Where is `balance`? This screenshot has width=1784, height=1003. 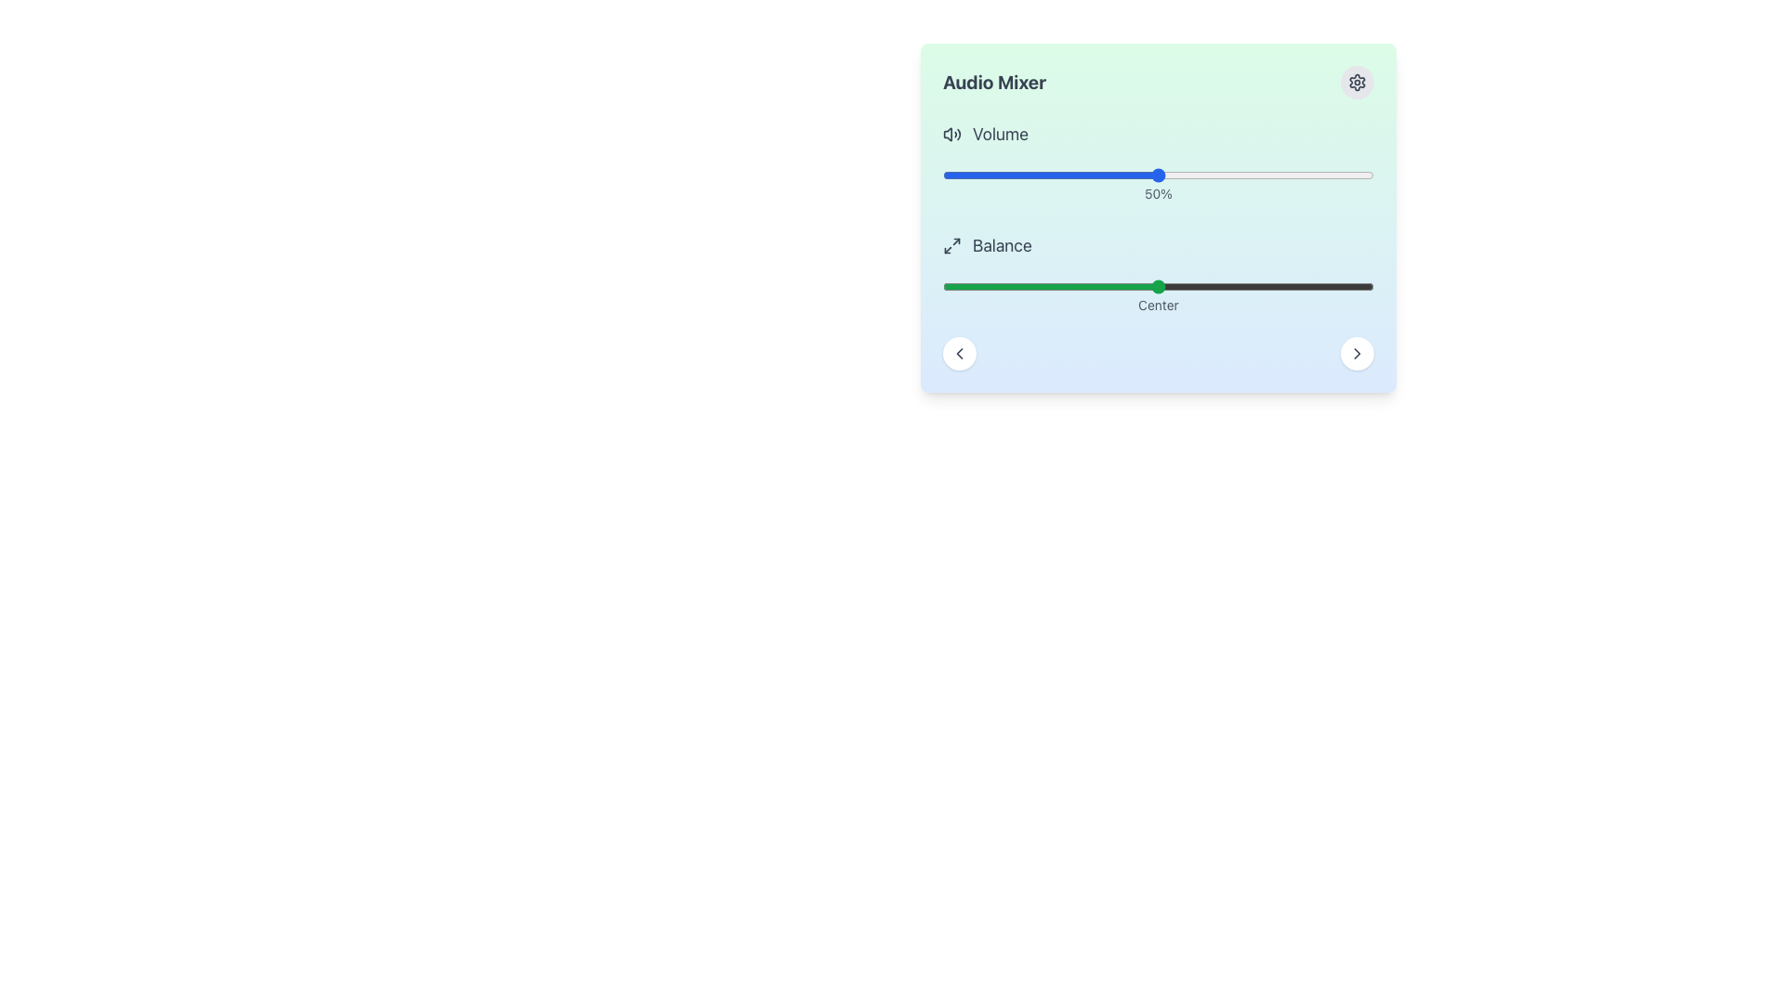
balance is located at coordinates (1122, 286).